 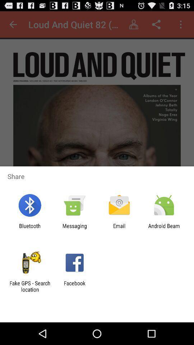 I want to click on the messaging app, so click(x=74, y=229).